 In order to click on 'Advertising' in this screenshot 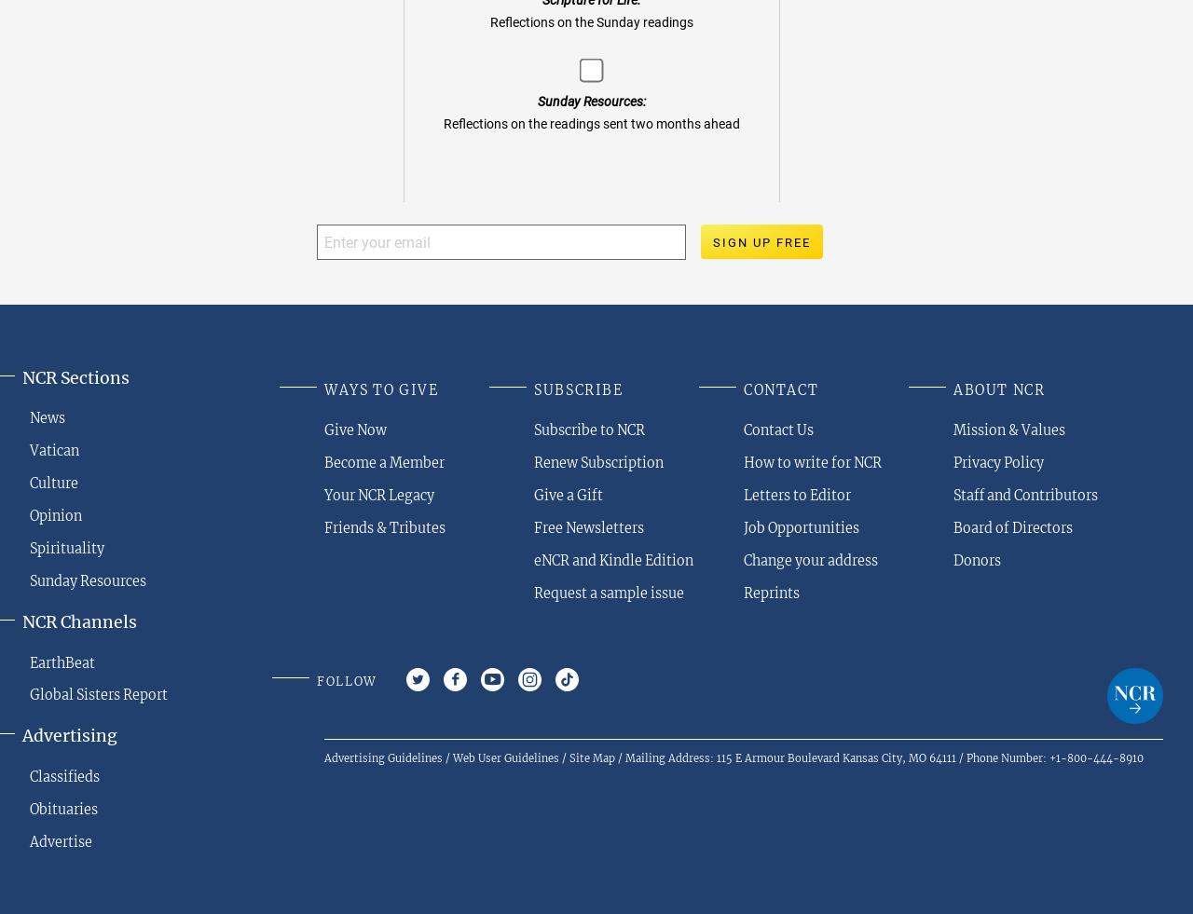, I will do `click(70, 735)`.